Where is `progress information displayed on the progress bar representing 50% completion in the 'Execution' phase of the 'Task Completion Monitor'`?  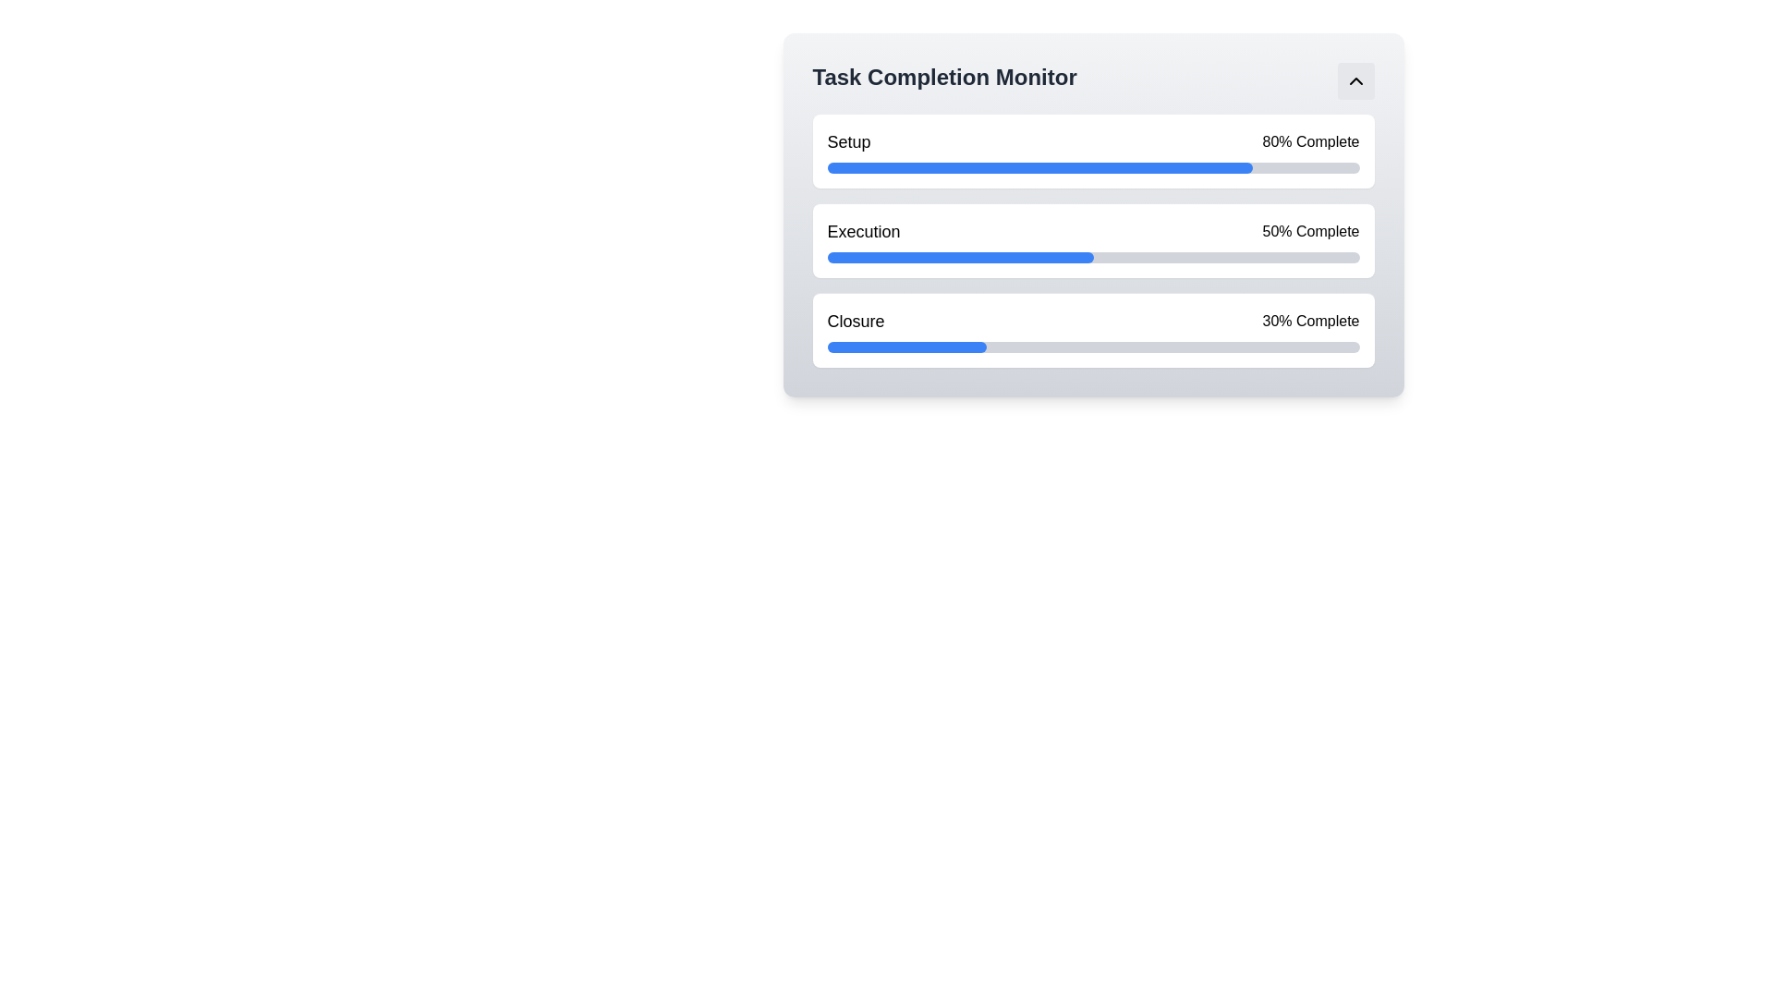
progress information displayed on the progress bar representing 50% completion in the 'Execution' phase of the 'Task Completion Monitor' is located at coordinates (1093, 240).